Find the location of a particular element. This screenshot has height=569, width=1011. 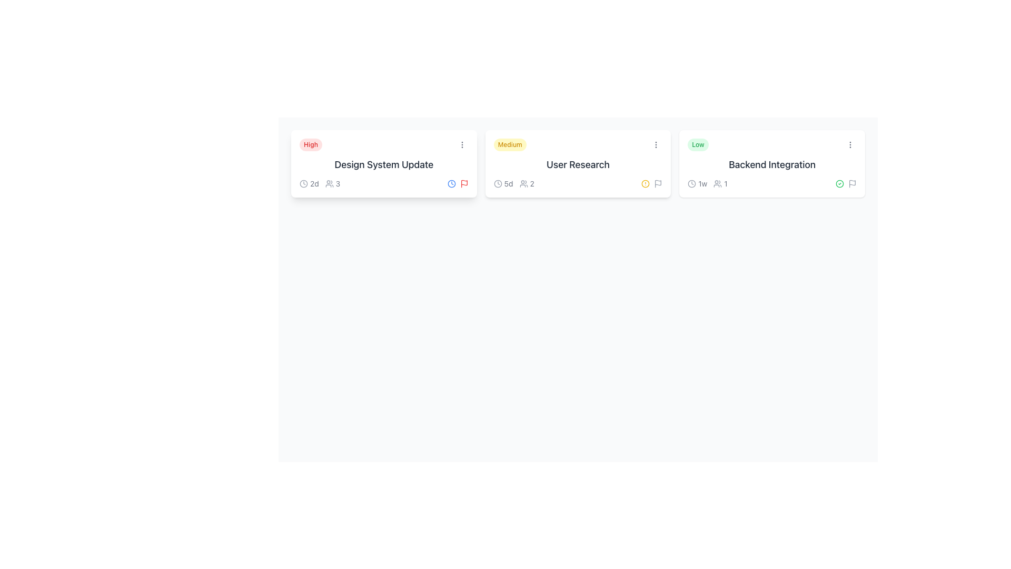

the text label indicating the number of users associated with the card labeled 'Backend Integration', located at the center-bottom of the card is located at coordinates (725, 183).